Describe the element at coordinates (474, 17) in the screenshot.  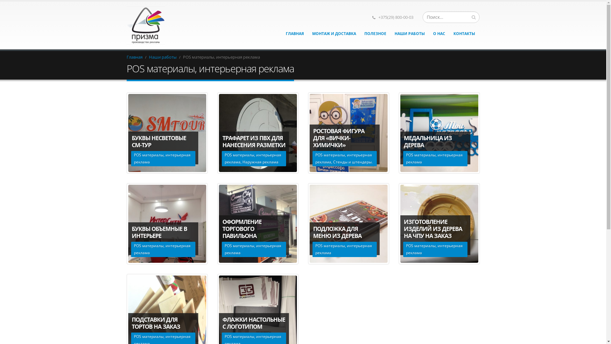
I see `'Search'` at that location.